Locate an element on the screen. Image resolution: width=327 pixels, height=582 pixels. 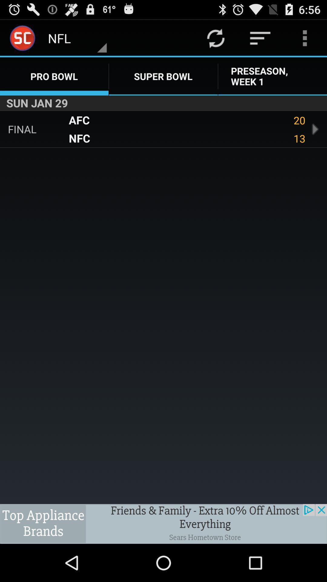
for add is located at coordinates (163, 523).